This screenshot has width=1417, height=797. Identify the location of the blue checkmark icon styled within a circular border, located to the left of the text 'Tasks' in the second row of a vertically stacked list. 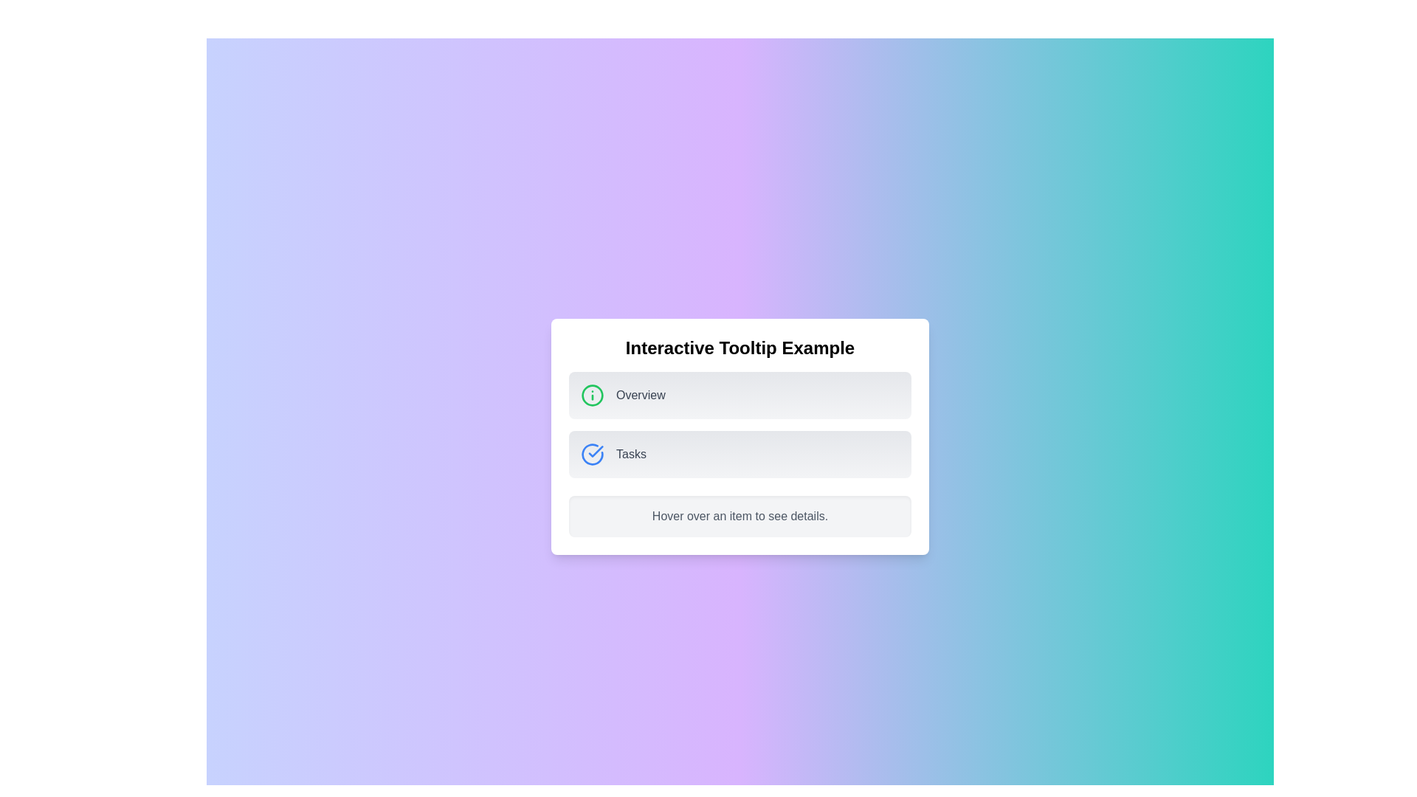
(592, 454).